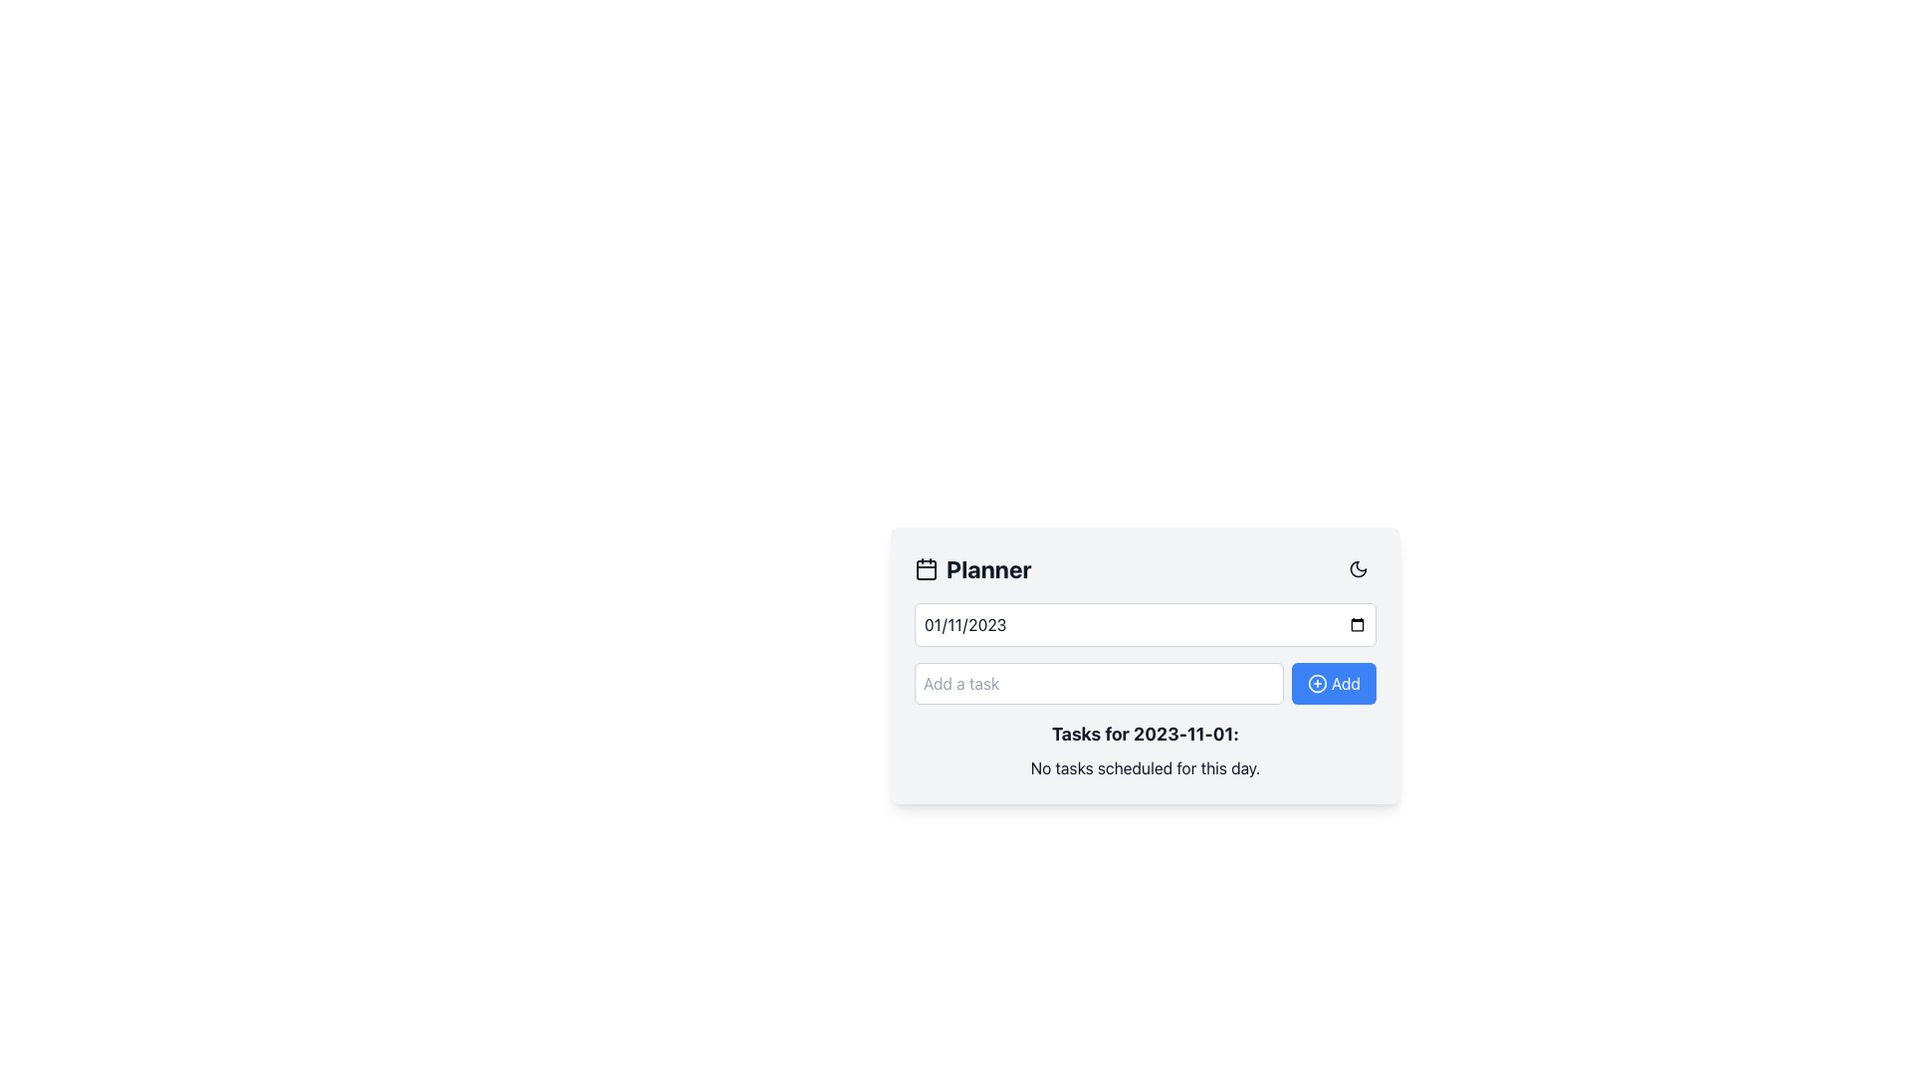 This screenshot has width=1911, height=1075. I want to click on the decorative icon for the 'Planner' section, which is located immediately to the left of the 'Planner' text in the header grouping, so click(926, 568).